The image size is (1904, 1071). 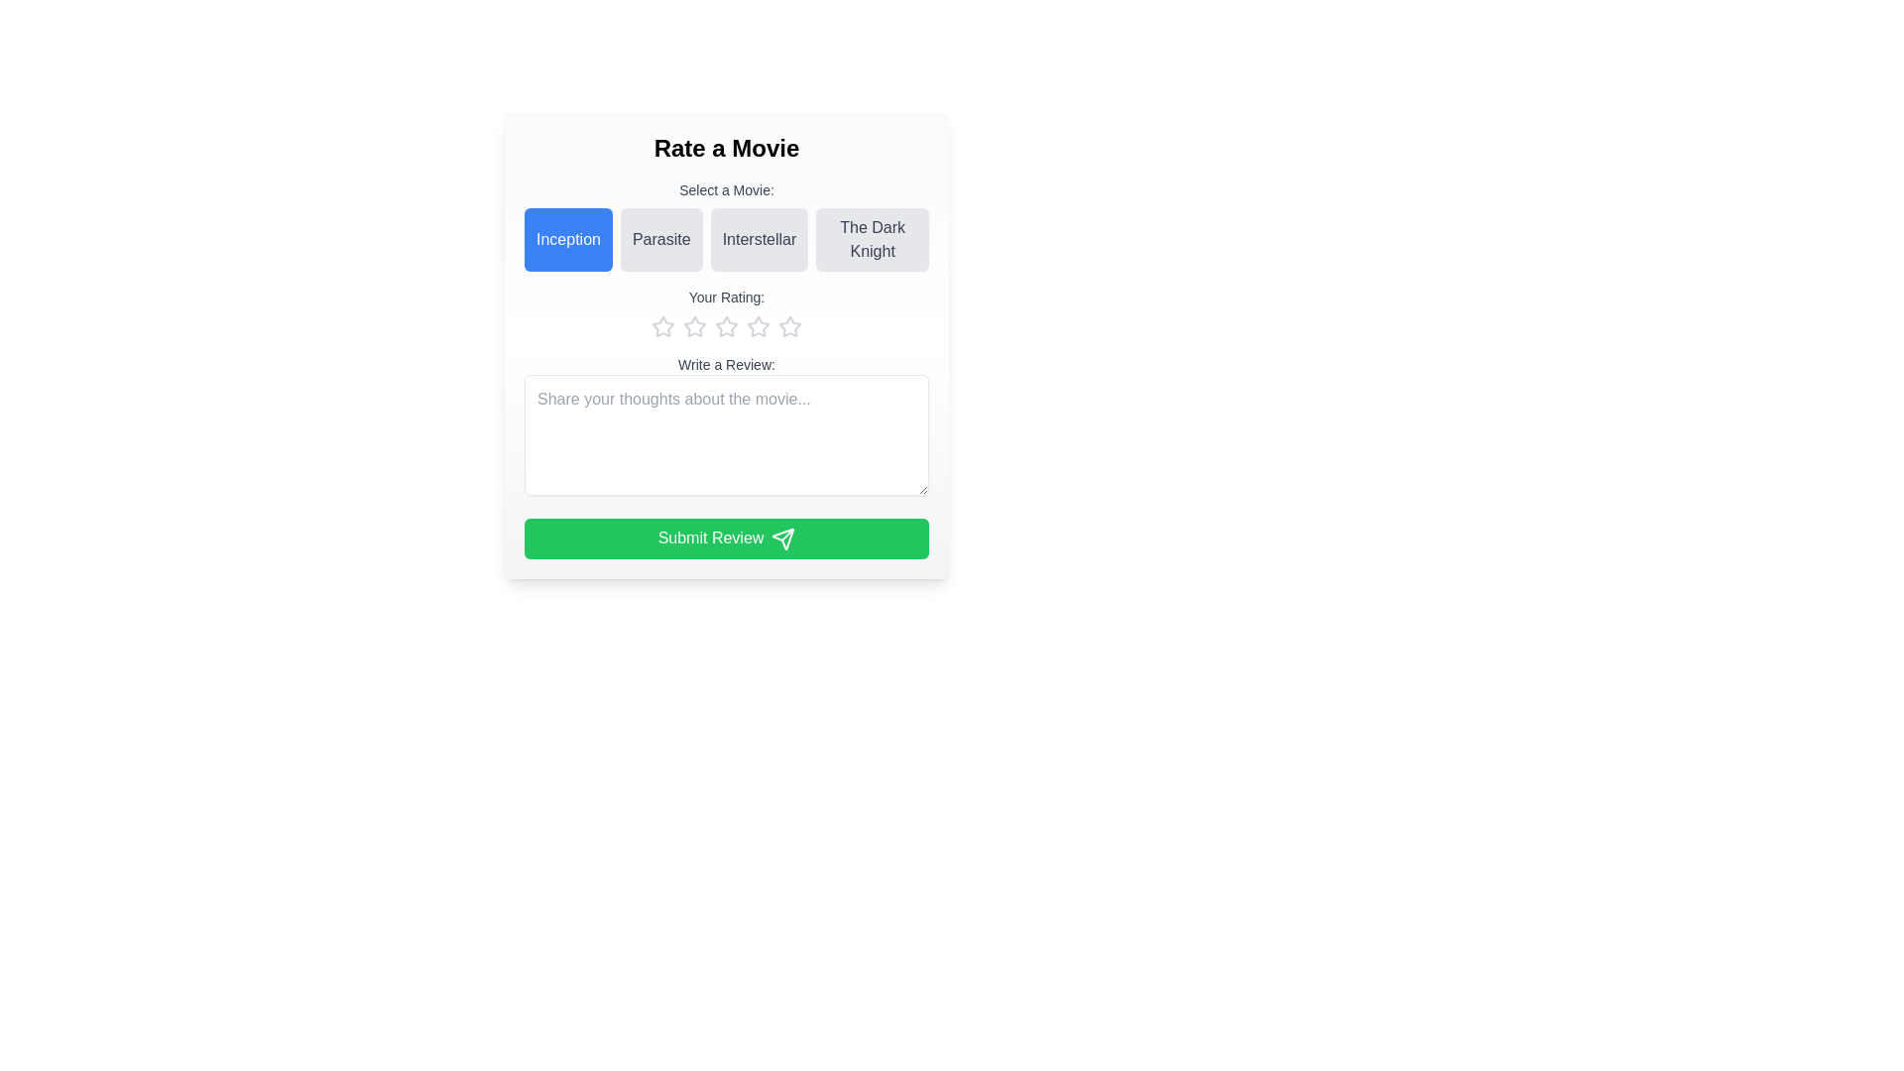 What do you see at coordinates (726, 364) in the screenshot?
I see `the label that reads 'Write a Review:', which is styled minimally in a small, dark gray font and is positioned below the 'Your Rating:' section within a review form` at bounding box center [726, 364].